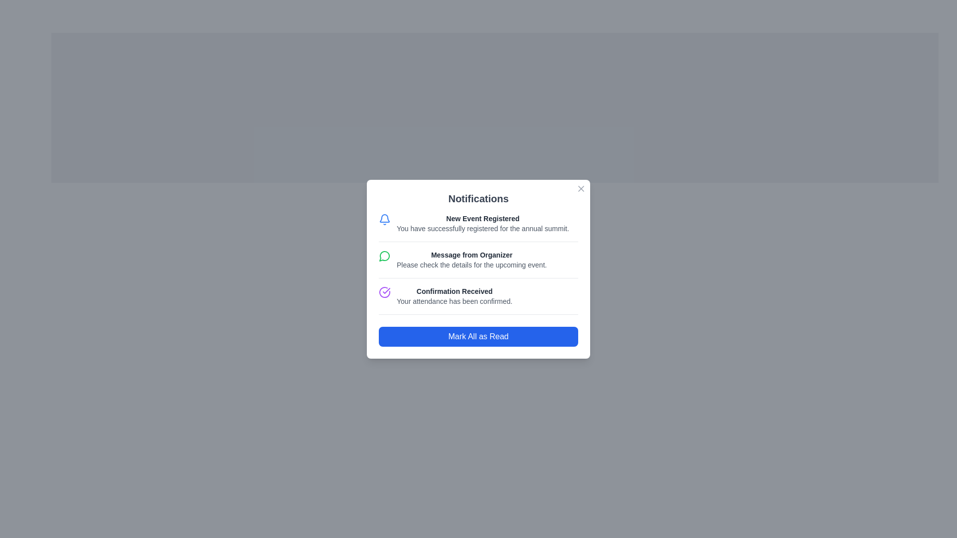 The height and width of the screenshot is (538, 957). I want to click on the confirmation icon located in the bottom section of the modal, aligned on the left, which indicates a successful confirmation, so click(384, 291).